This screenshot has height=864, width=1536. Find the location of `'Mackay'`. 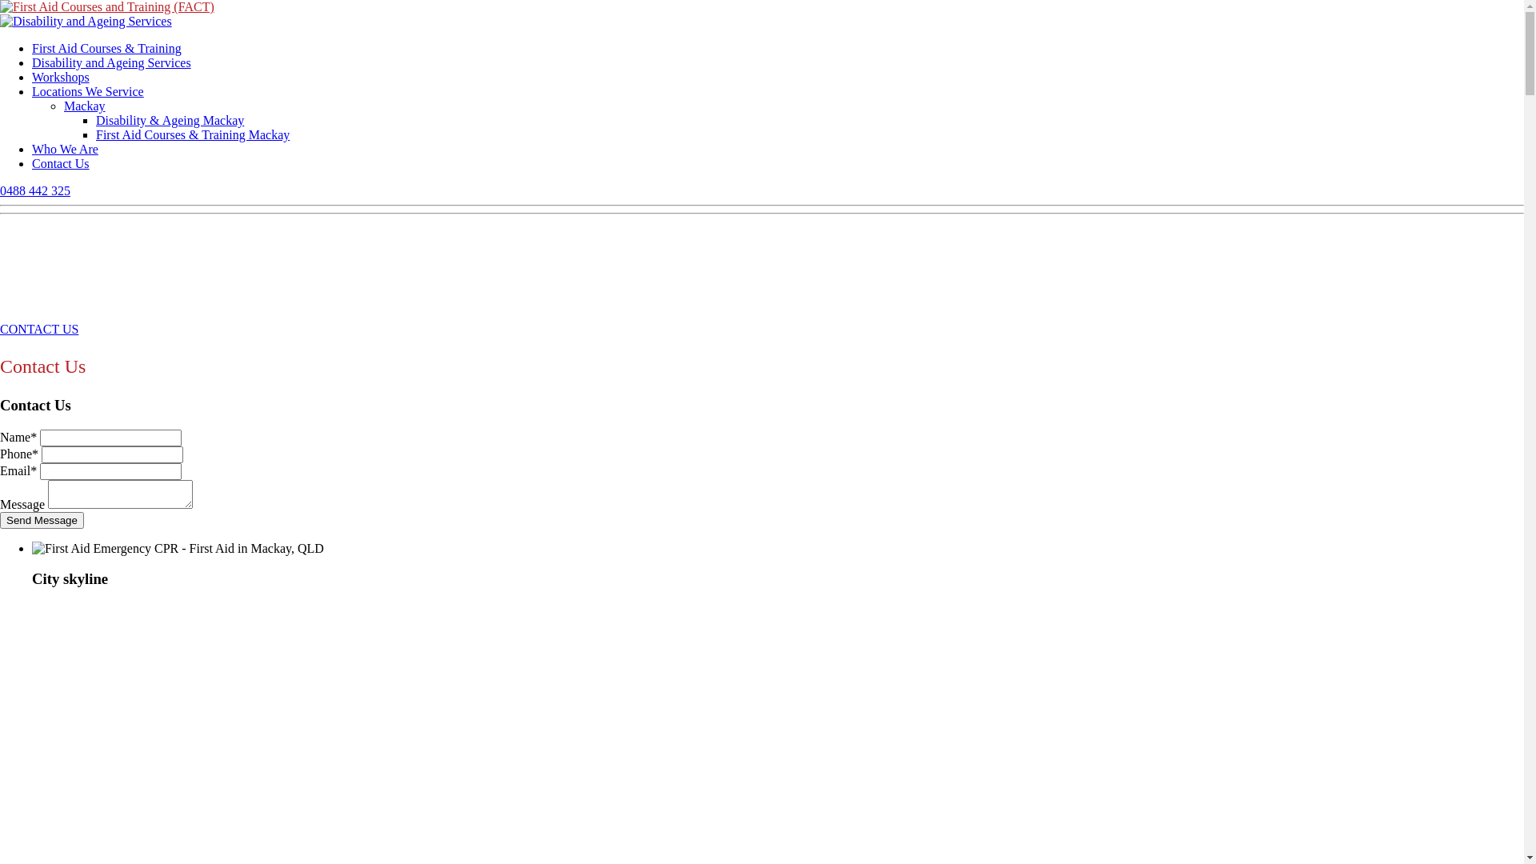

'Mackay' is located at coordinates (83, 106).